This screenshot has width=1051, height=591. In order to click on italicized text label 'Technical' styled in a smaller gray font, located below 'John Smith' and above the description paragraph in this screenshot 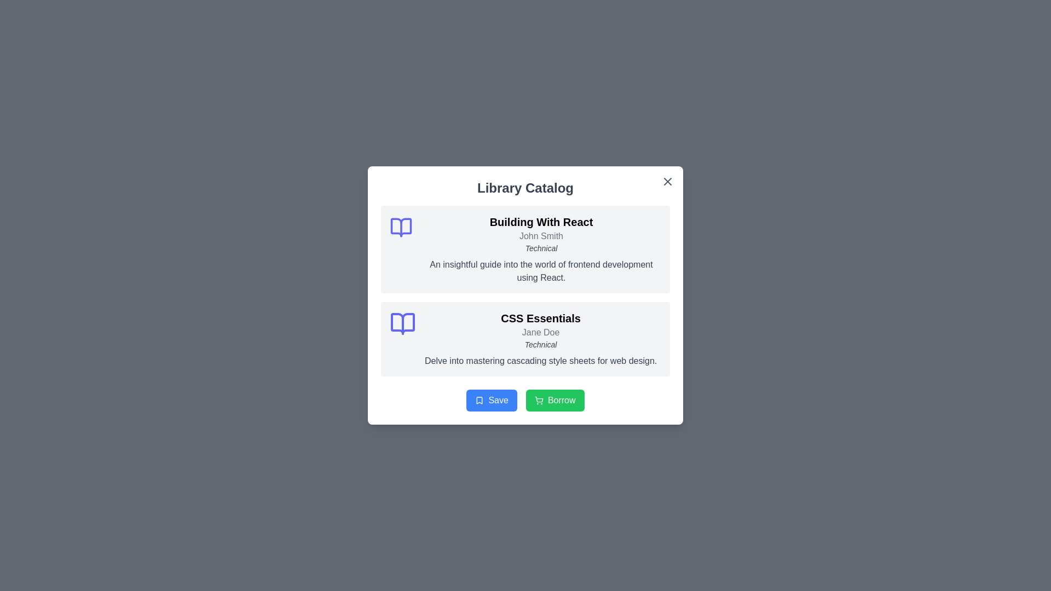, I will do `click(541, 248)`.